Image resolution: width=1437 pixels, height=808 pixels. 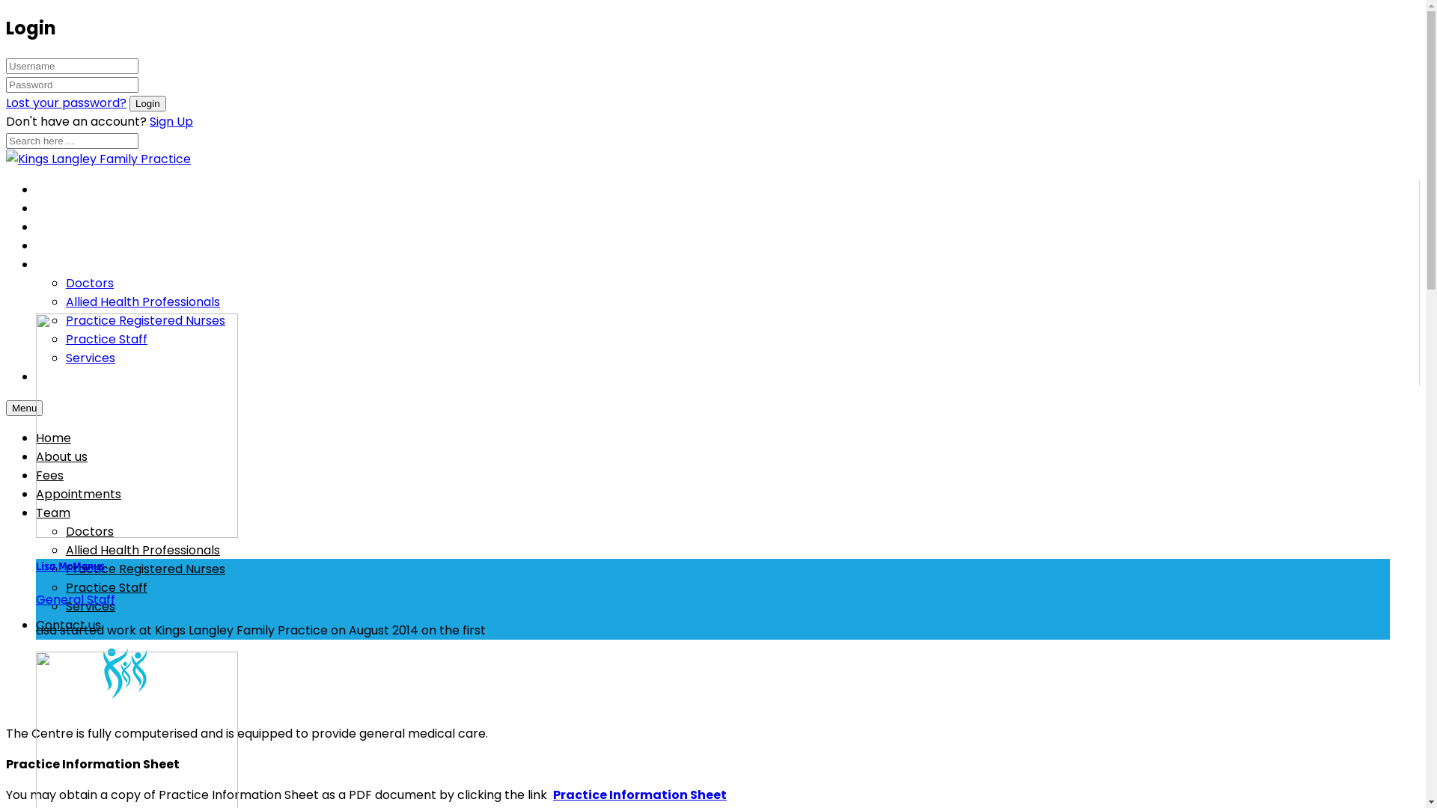 What do you see at coordinates (639, 794) in the screenshot?
I see `'Practice Information Sheet'` at bounding box center [639, 794].